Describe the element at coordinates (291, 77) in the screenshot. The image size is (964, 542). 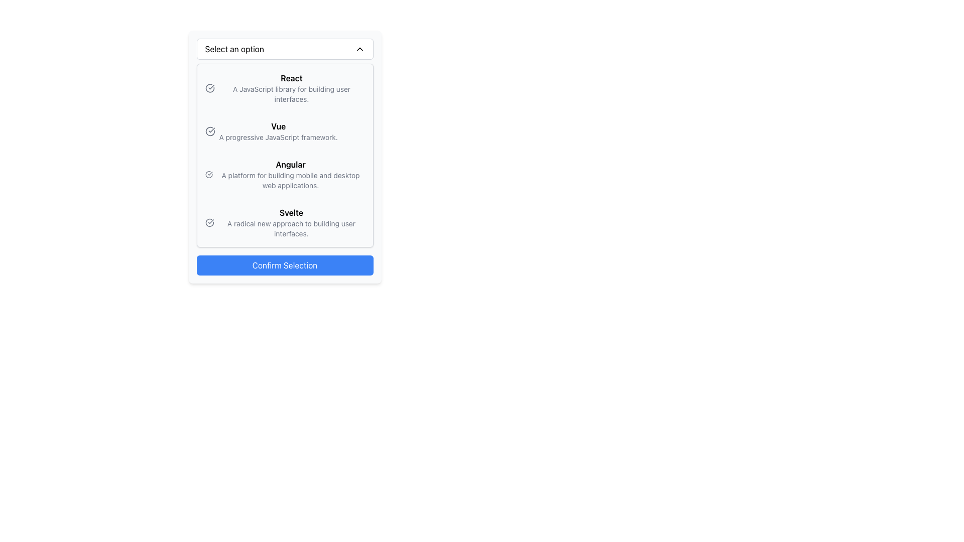
I see `the text label that identifies the option 'React', which is located within the dropdown menu beneath the 'Select an option' selector` at that location.